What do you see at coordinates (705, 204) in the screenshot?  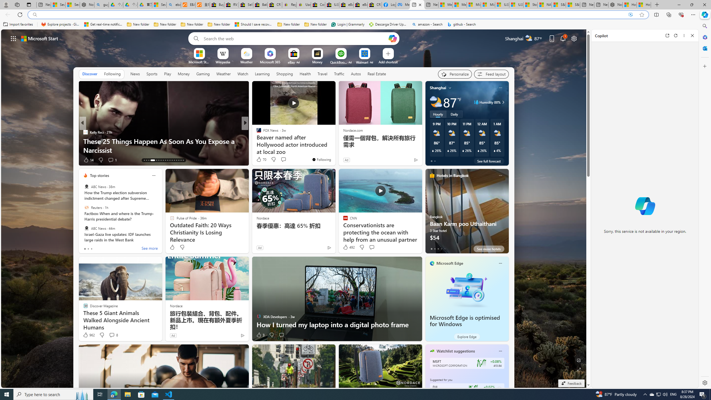 I see `'Side bar'` at bounding box center [705, 204].